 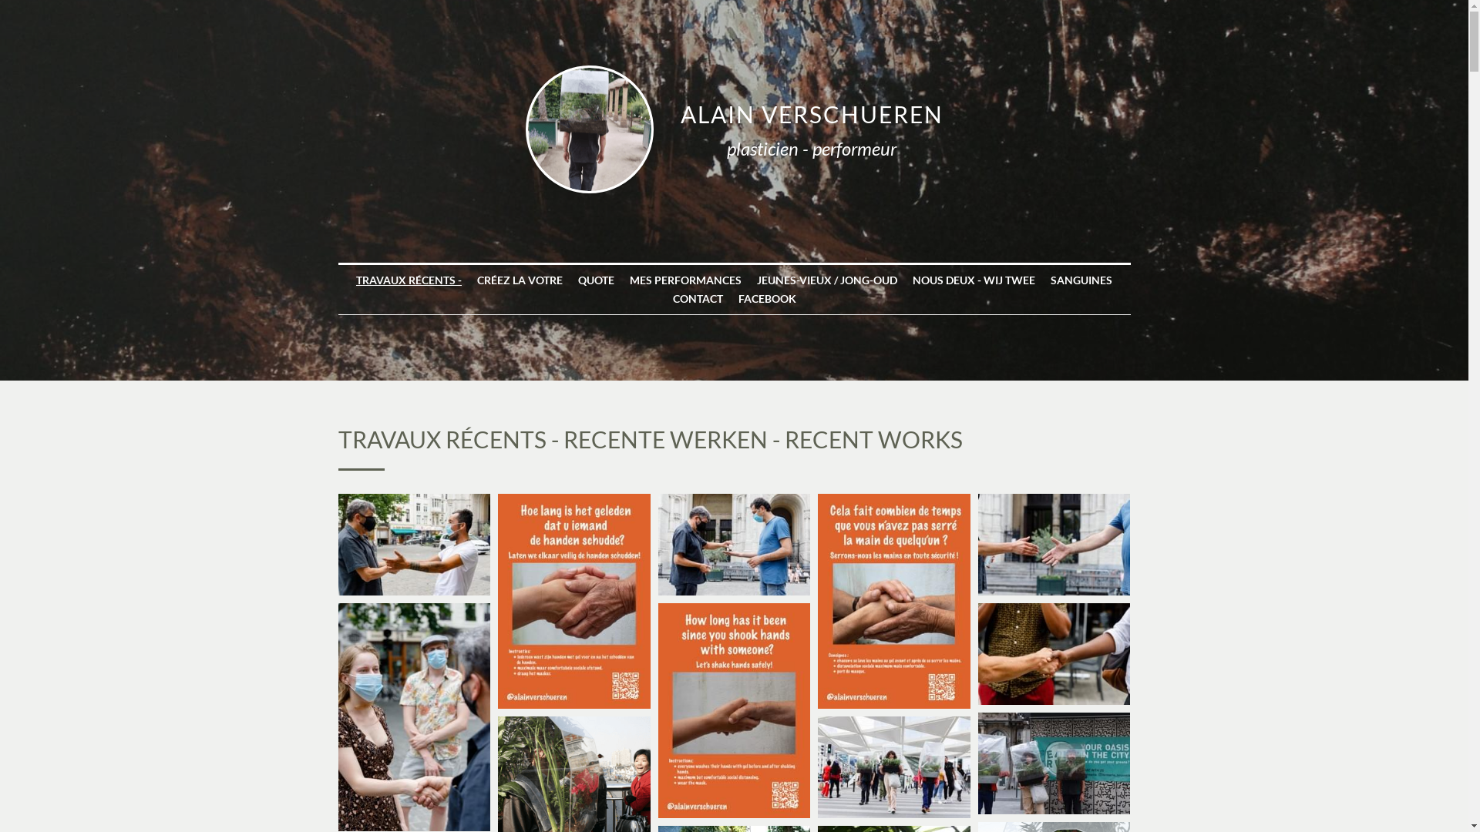 What do you see at coordinates (684, 280) in the screenshot?
I see `'MES PERFORMANCES'` at bounding box center [684, 280].